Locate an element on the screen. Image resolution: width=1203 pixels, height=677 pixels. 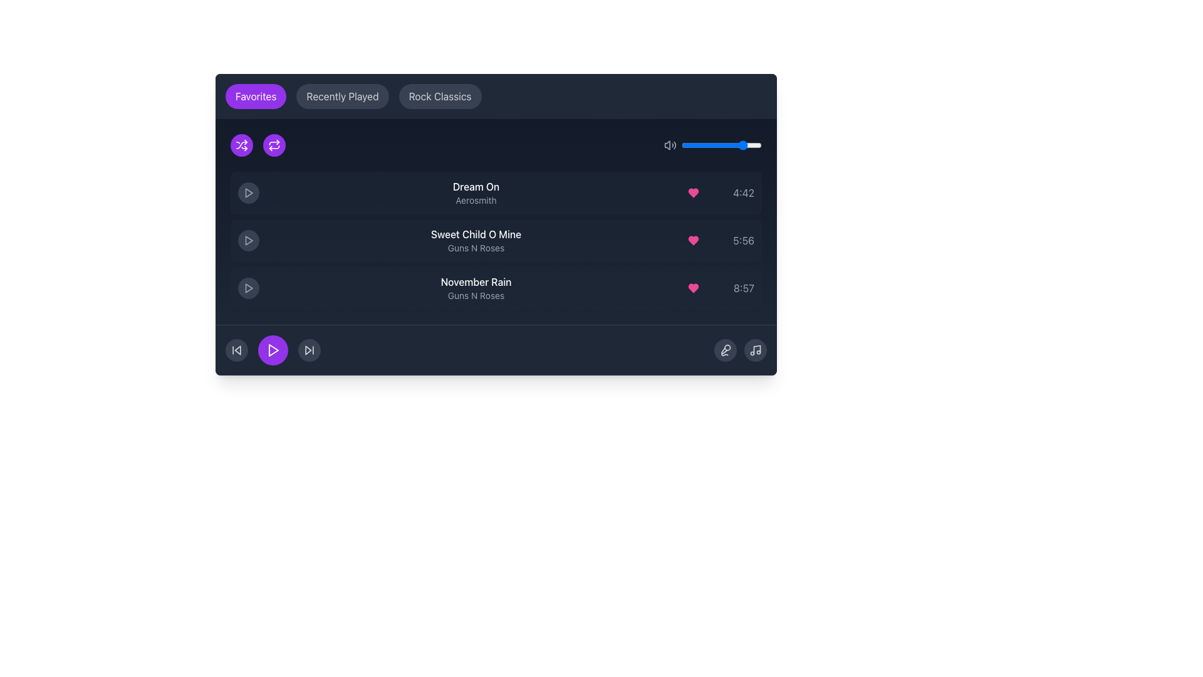
the microphone icon button located in the bottom-right section of the music player interface is located at coordinates (725, 350).